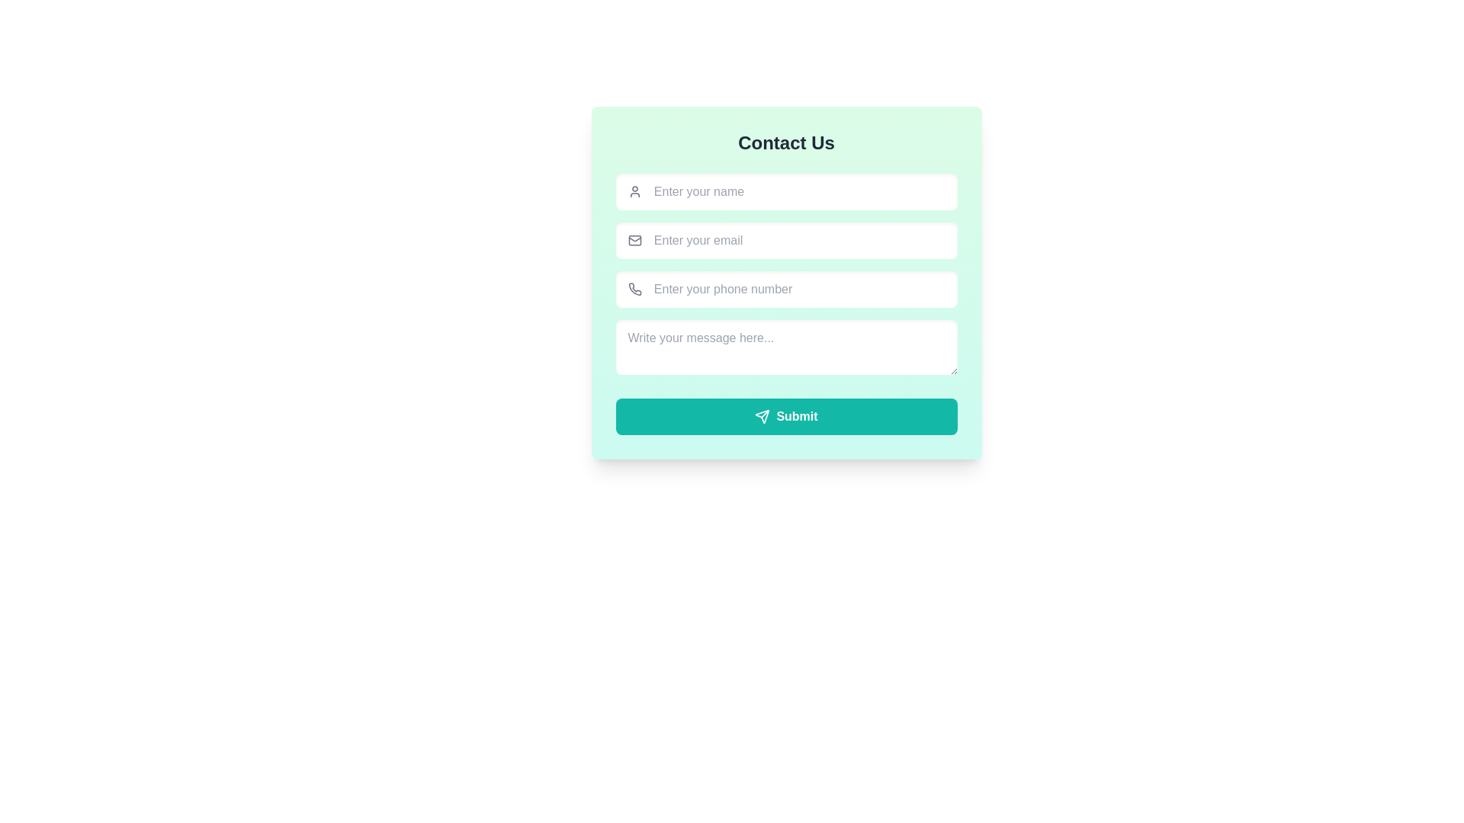 Image resolution: width=1464 pixels, height=823 pixels. I want to click on the small gray telephone handset icon located to the left of the 'Enter your phone number' placeholder text, so click(634, 290).